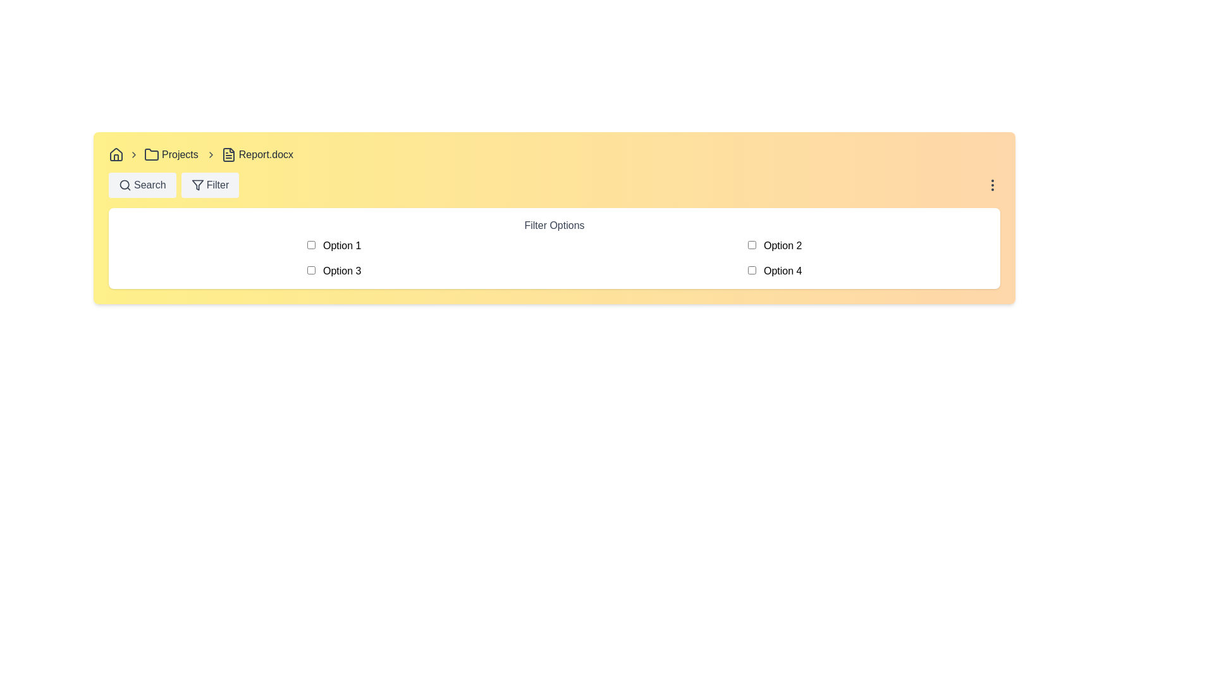  What do you see at coordinates (228, 154) in the screenshot?
I see `the appearance of the document file icon, which is the fourth in the breadcrumb navigation trail following the 'Projects' section and a chevron-right icon` at bounding box center [228, 154].